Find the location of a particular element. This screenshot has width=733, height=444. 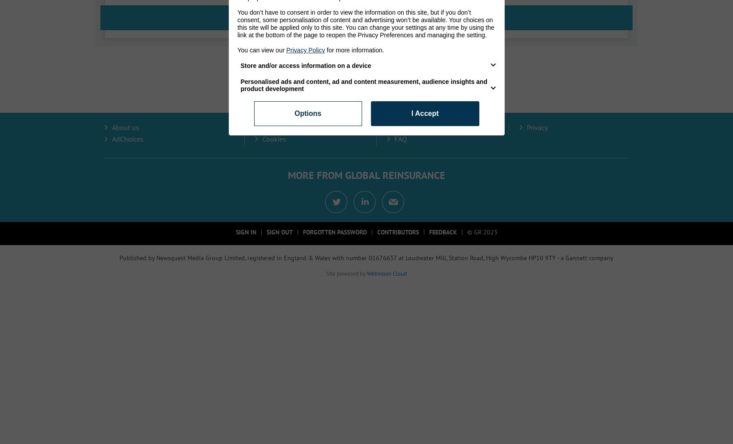

'Terms & Conditions' is located at coordinates (424, 127).